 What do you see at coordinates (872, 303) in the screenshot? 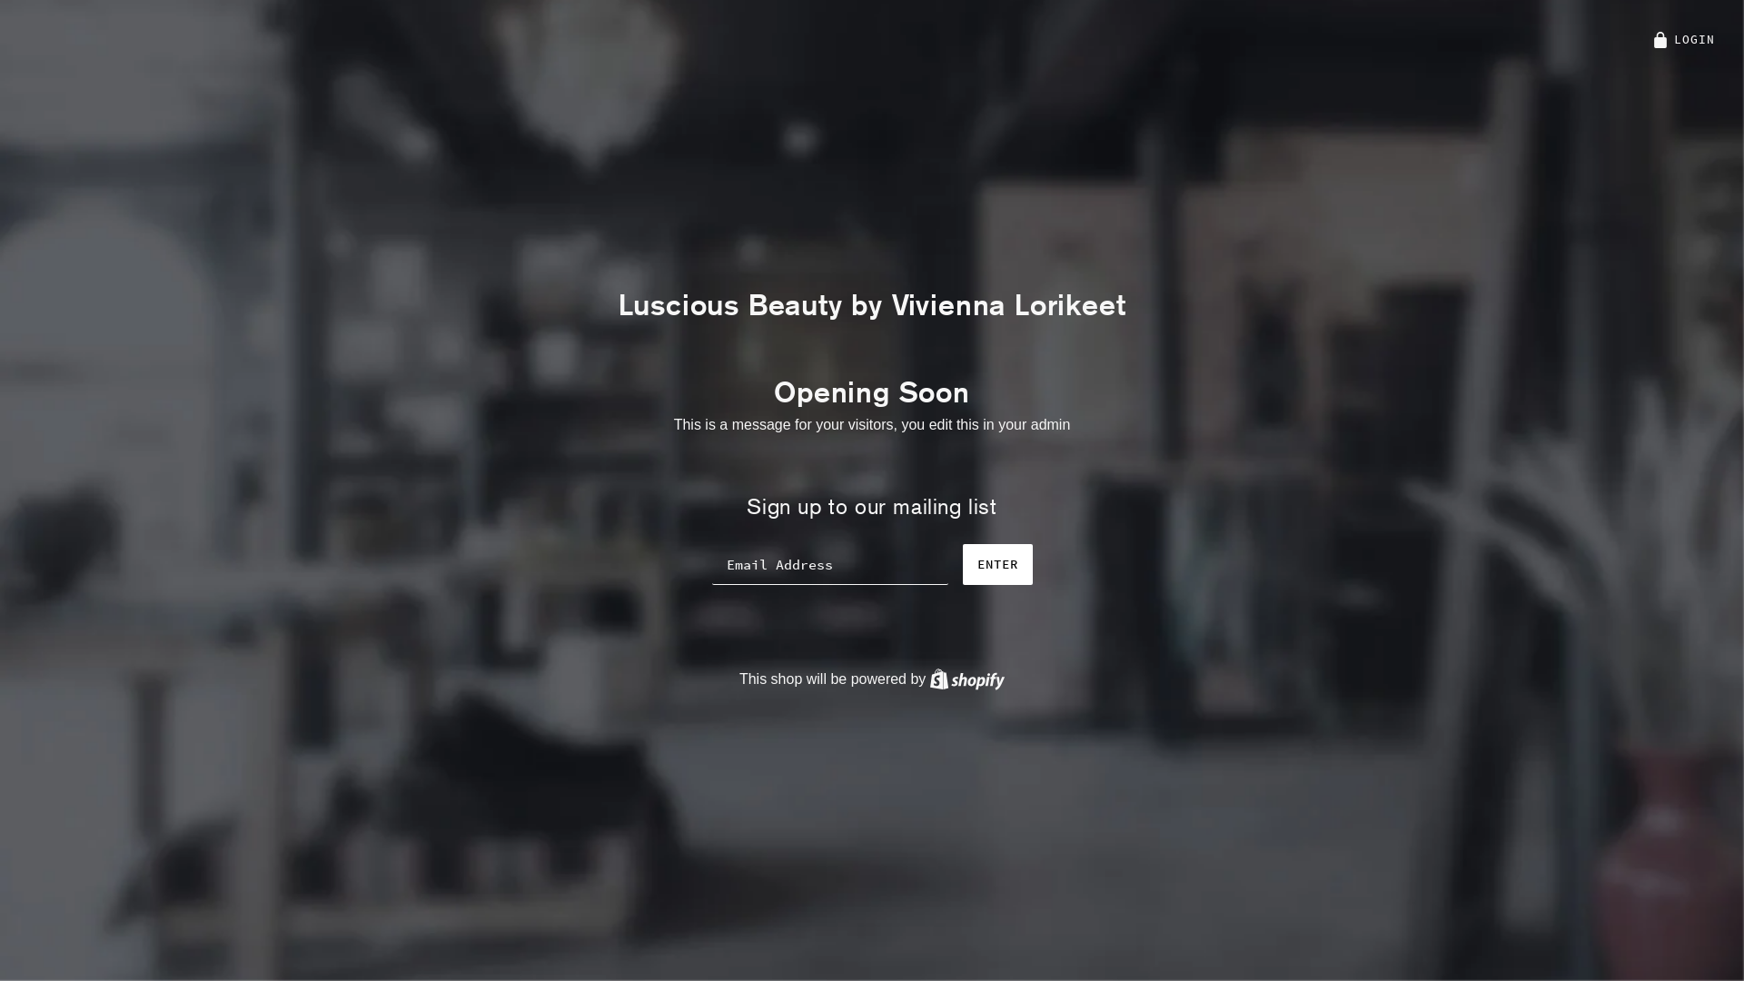
I see `'Luscious Beauty by Vivienna Lorikeet'` at bounding box center [872, 303].